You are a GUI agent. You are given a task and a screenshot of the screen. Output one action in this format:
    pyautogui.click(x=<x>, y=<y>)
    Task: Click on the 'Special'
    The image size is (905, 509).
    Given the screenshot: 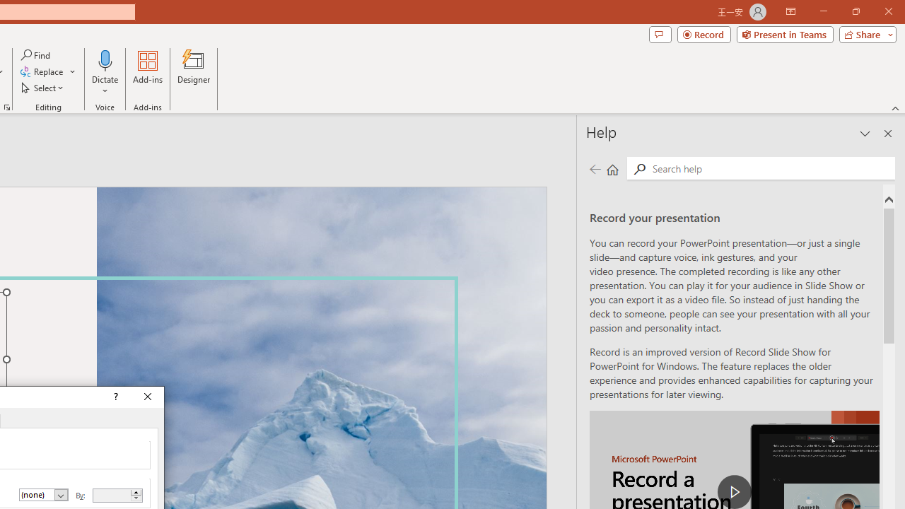 What is the action you would take?
    pyautogui.click(x=44, y=494)
    